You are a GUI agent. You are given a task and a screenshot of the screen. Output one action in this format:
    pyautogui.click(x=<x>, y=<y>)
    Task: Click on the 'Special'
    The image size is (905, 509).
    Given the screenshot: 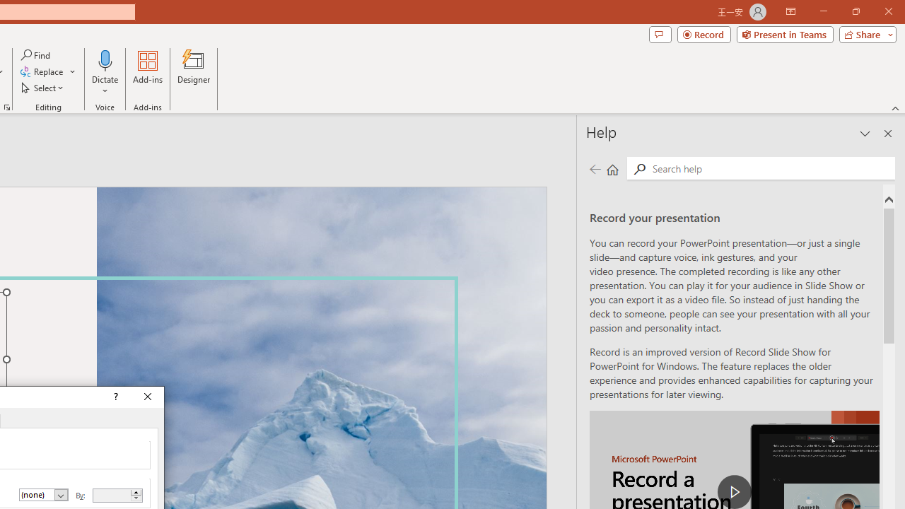 What is the action you would take?
    pyautogui.click(x=44, y=494)
    